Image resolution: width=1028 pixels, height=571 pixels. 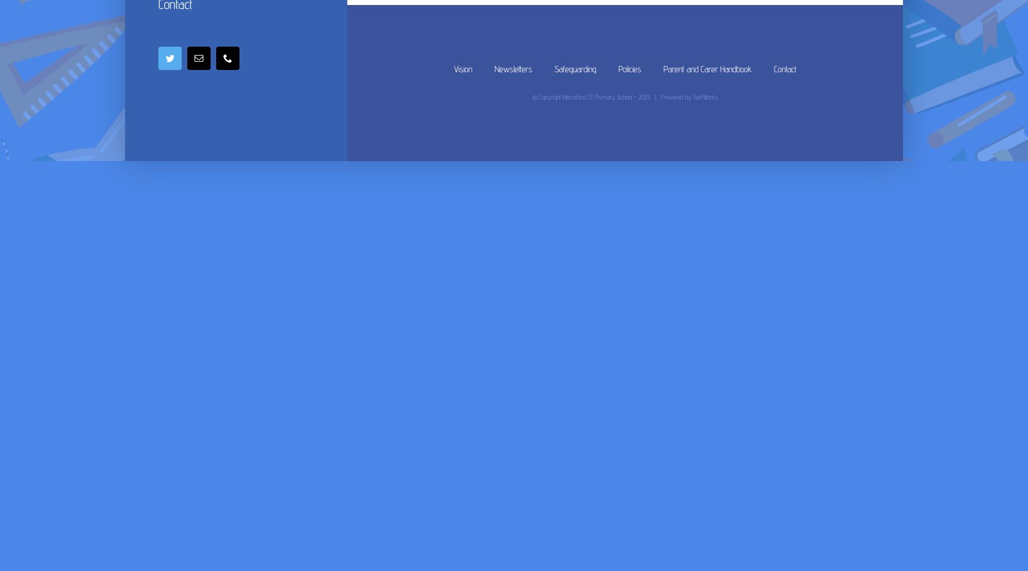 What do you see at coordinates (368, 21) in the screenshot?
I see `'PTFA'` at bounding box center [368, 21].